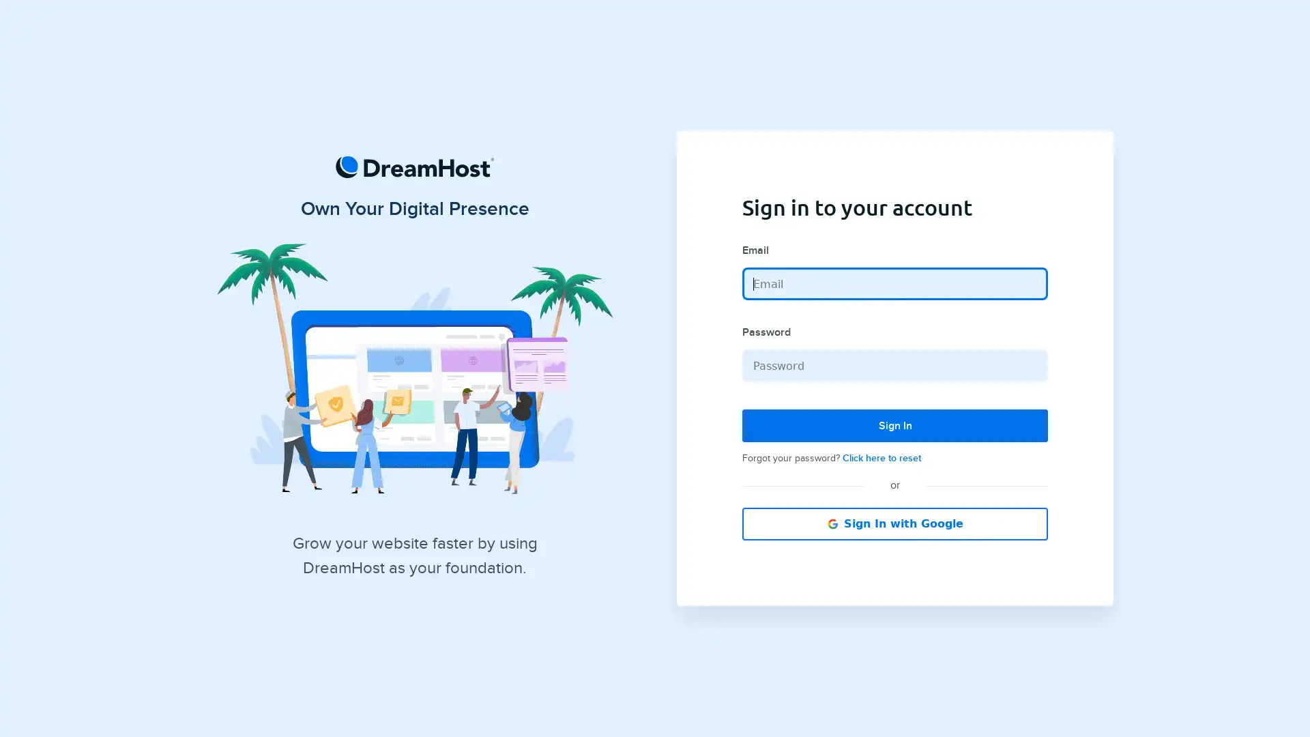  I want to click on Sign In with Google, so click(894, 523).